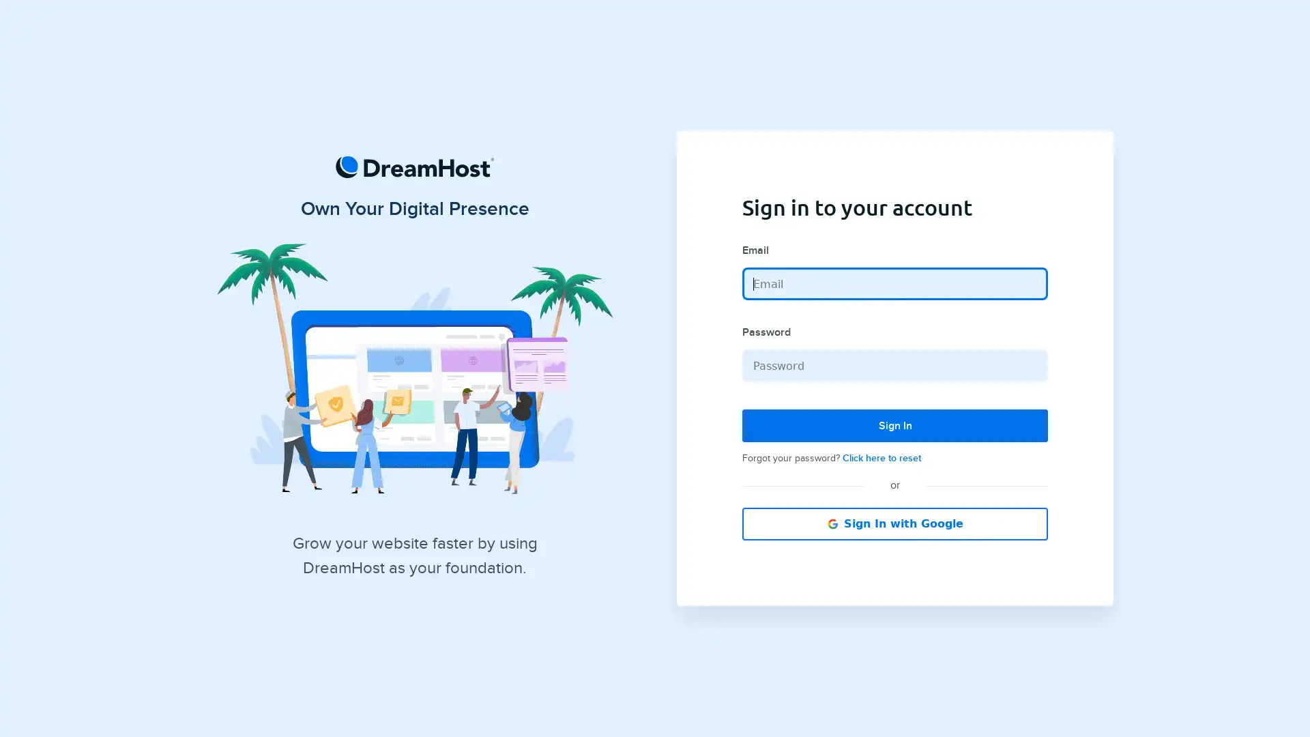  I want to click on Sign In with Google, so click(894, 523).